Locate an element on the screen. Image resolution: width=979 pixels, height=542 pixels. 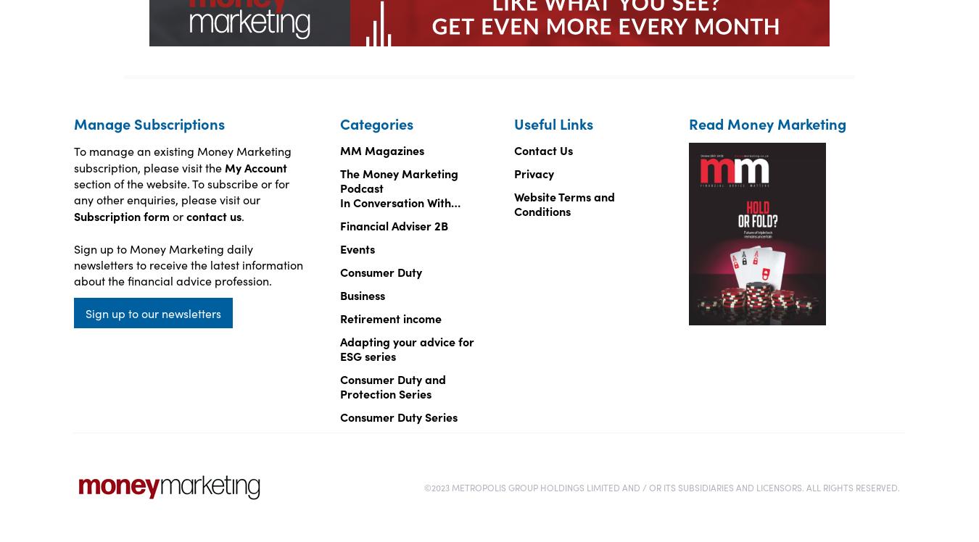
'Events' is located at coordinates (357, 248).